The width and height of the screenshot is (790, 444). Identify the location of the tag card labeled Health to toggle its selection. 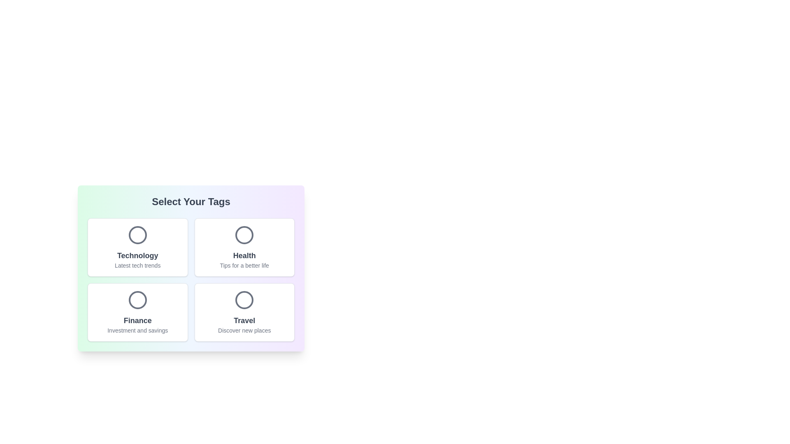
(244, 247).